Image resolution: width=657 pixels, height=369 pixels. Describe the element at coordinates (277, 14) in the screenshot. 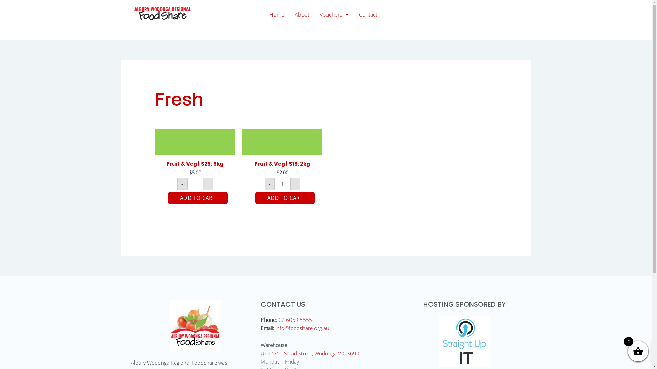

I see `'Home'` at that location.